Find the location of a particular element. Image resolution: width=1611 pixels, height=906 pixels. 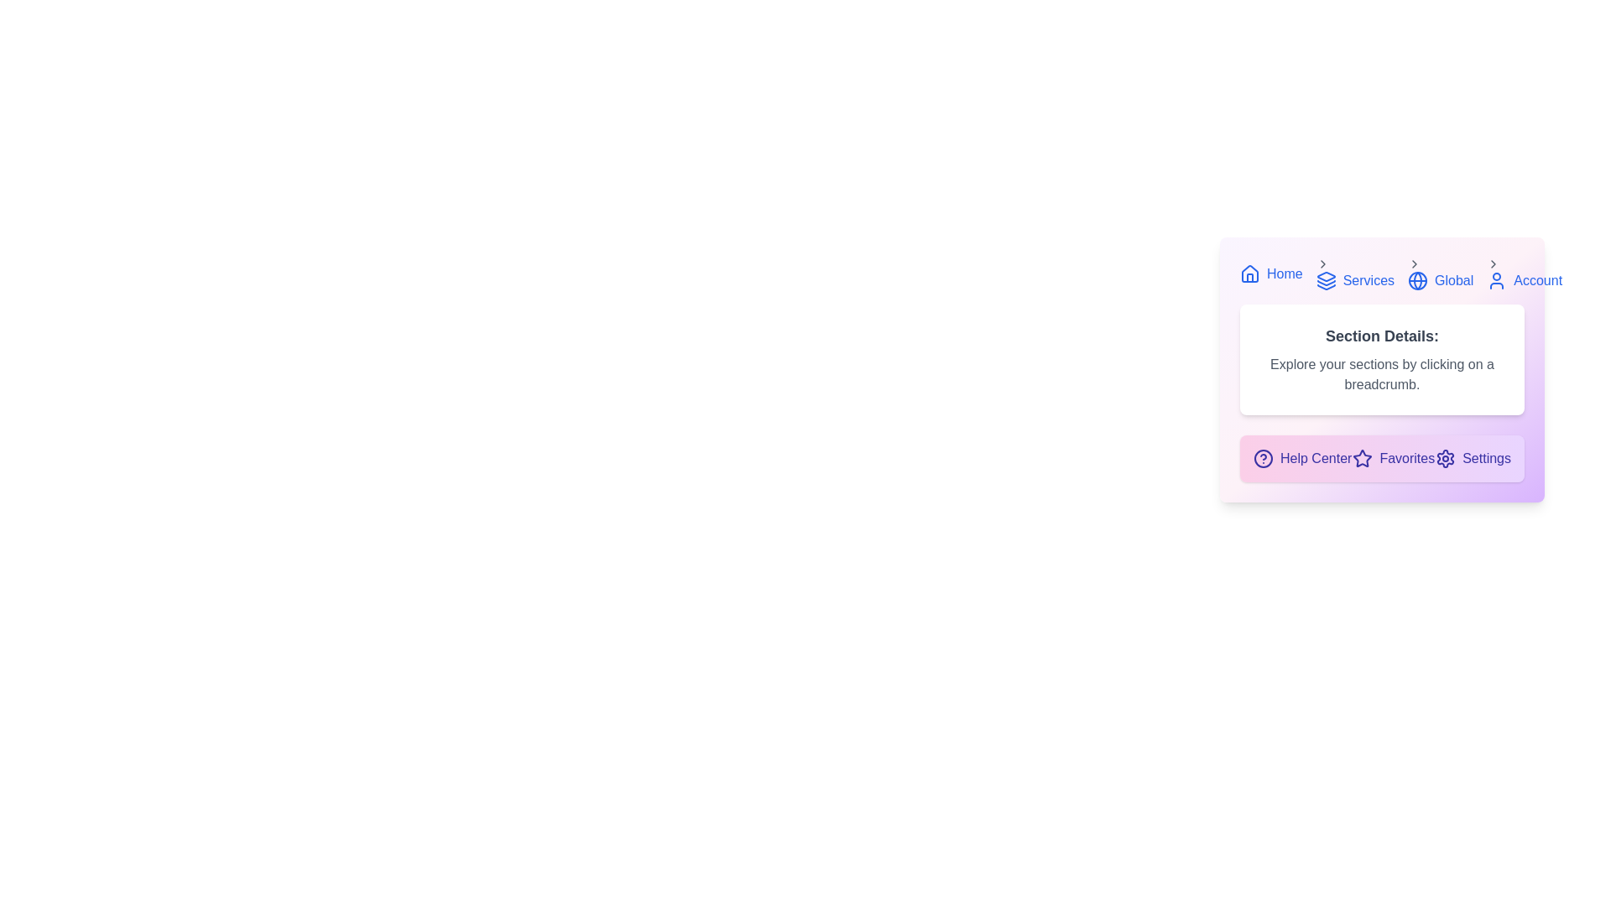

the 'Settings' button, which features a gear icon and indigo text that changes to purple on hover, located at the bottom-right area of the card interface is located at coordinates (1473, 459).